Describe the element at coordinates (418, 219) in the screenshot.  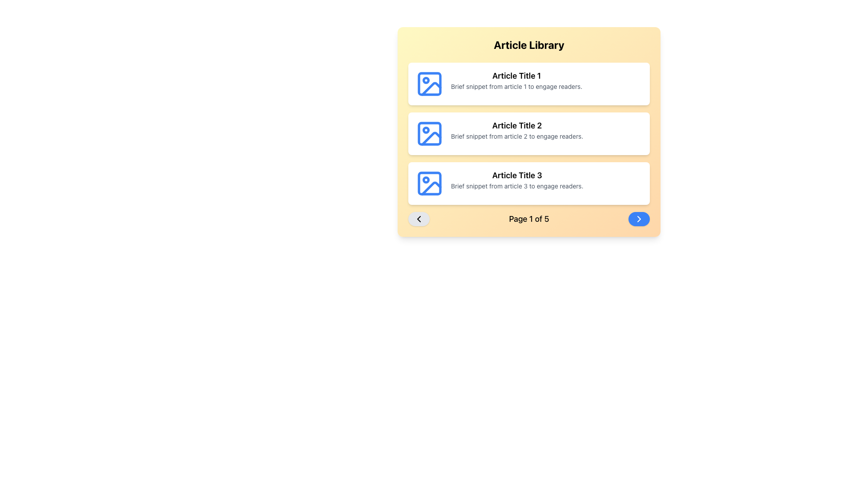
I see `the left-pointing arrow icon, which is part of a circular button at the bottom left of the pagination controls` at that location.